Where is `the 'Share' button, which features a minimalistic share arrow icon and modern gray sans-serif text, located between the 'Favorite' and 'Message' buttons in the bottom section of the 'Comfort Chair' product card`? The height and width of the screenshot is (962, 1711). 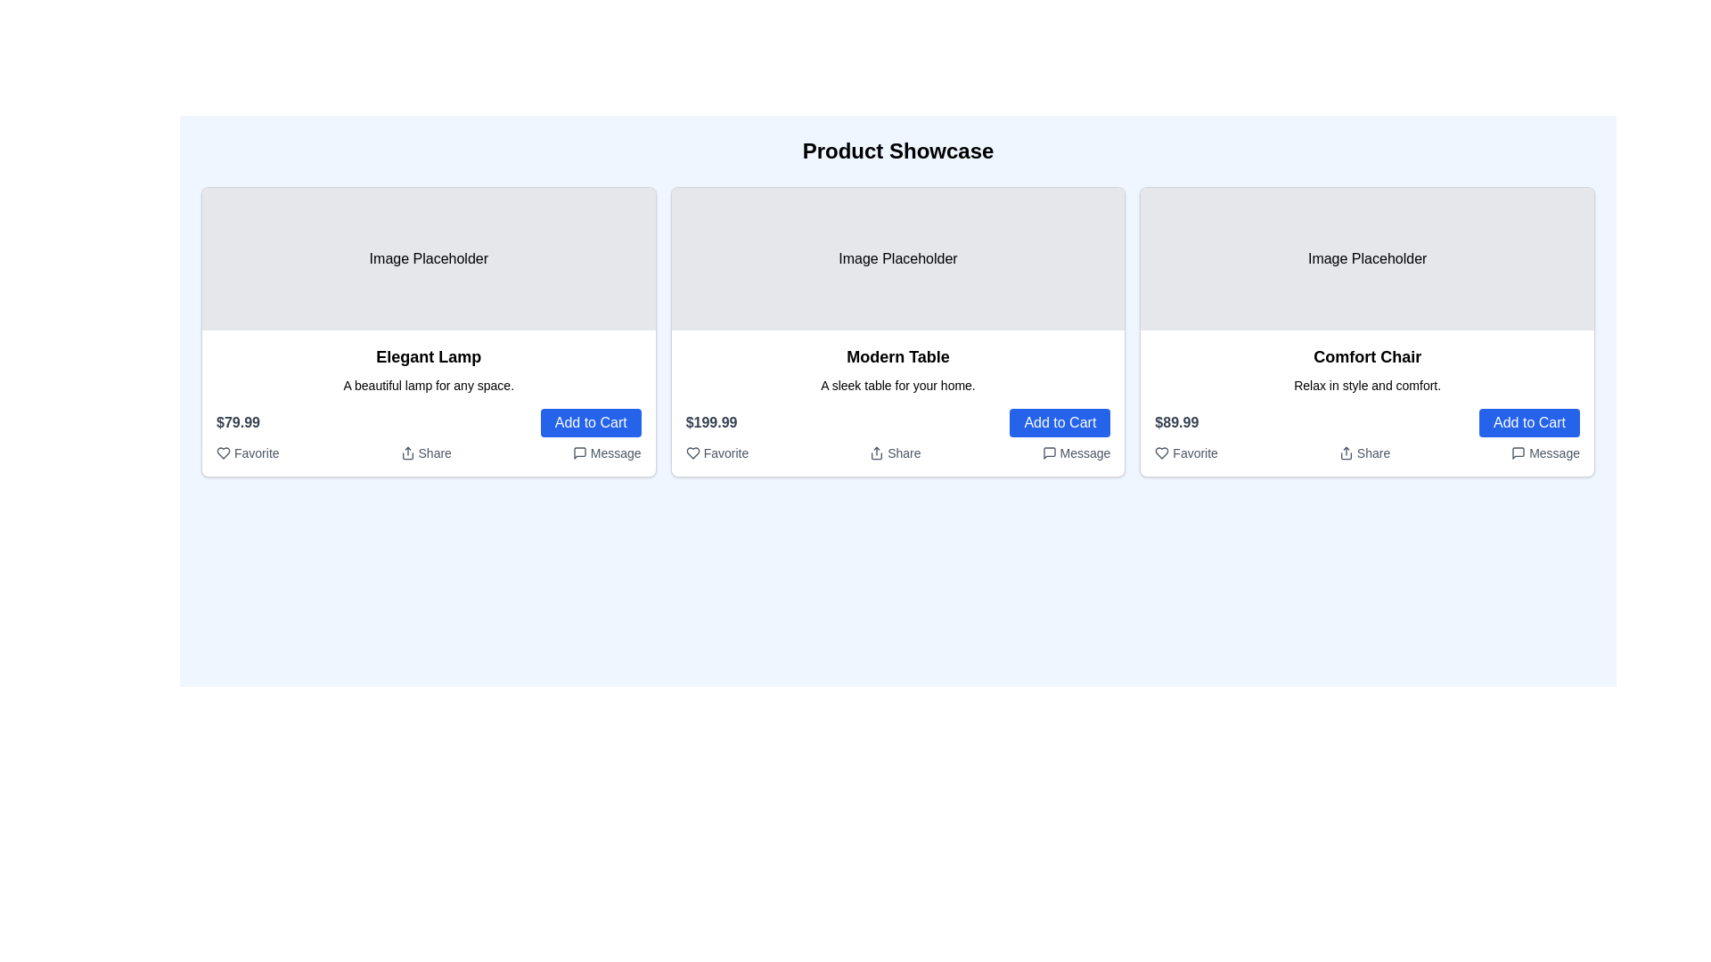
the 'Share' button, which features a minimalistic share arrow icon and modern gray sans-serif text, located between the 'Favorite' and 'Message' buttons in the bottom section of the 'Comfort Chair' product card is located at coordinates (1363, 452).